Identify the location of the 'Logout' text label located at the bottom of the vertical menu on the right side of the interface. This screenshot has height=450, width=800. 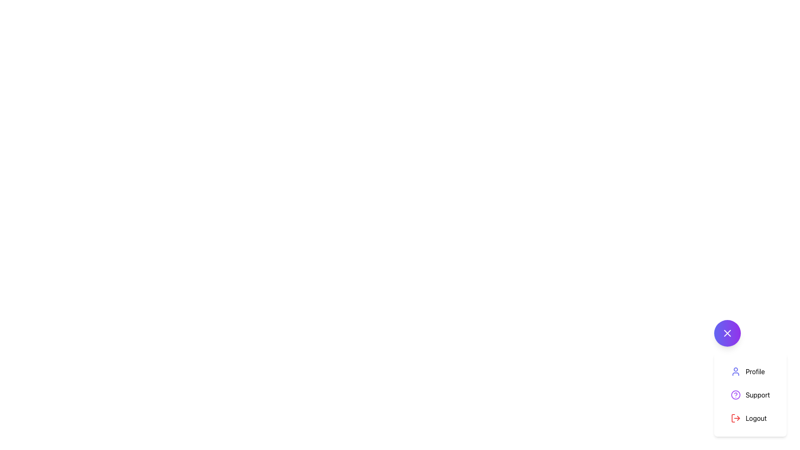
(756, 418).